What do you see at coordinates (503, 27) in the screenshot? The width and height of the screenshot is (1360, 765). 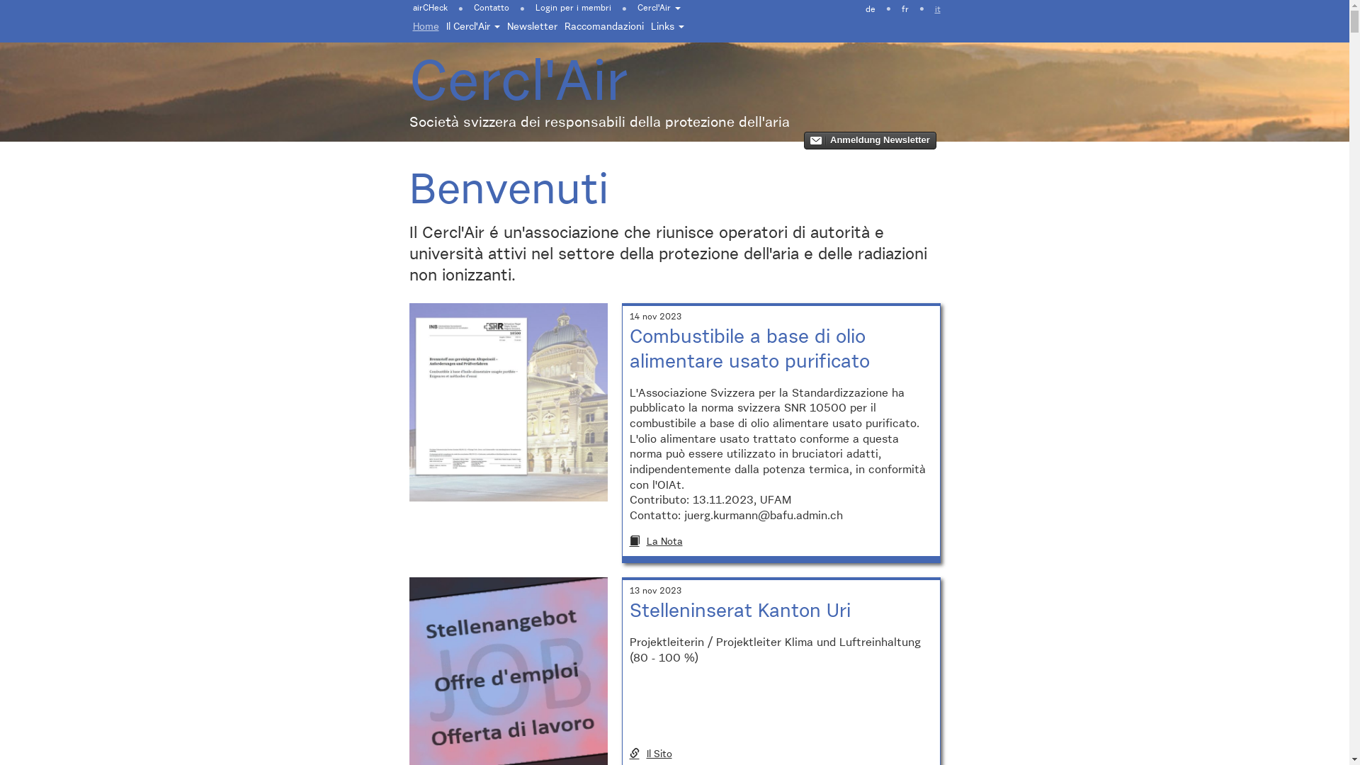 I see `'Newsletter'` at bounding box center [503, 27].